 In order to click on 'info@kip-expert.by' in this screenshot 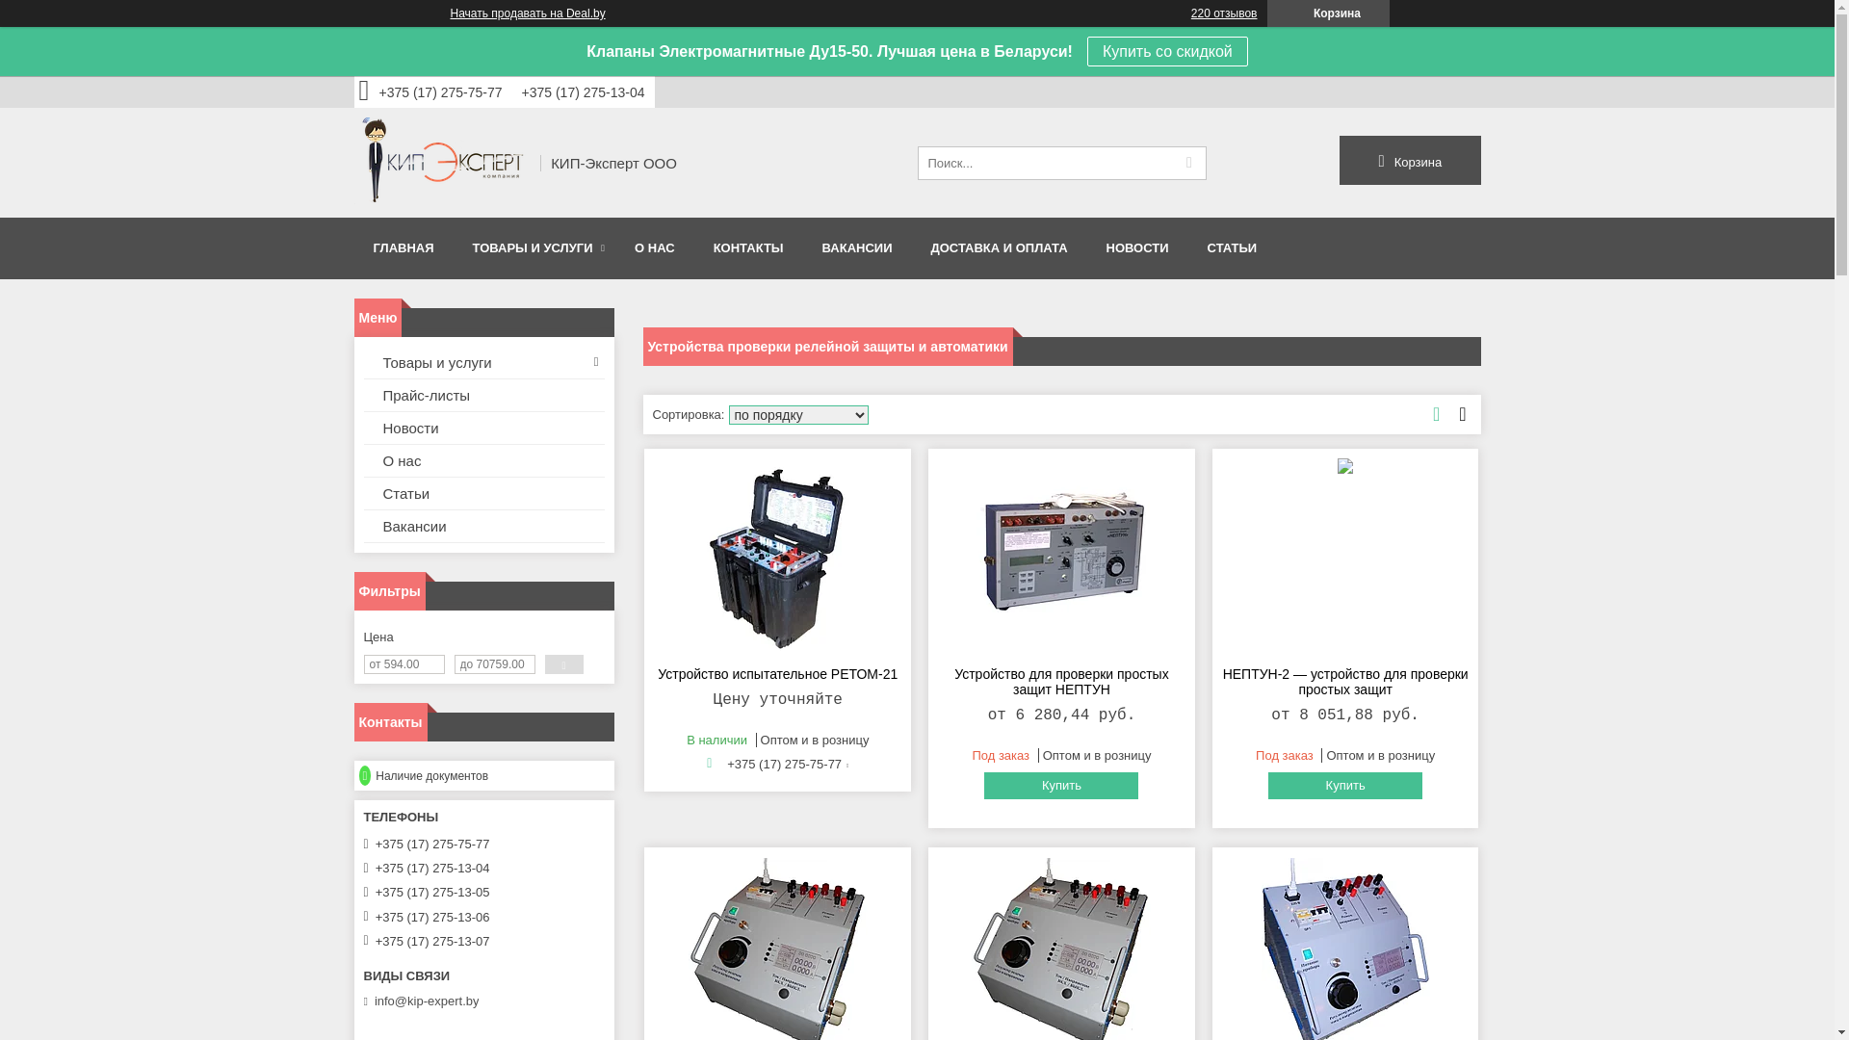, I will do `click(426, 1001)`.